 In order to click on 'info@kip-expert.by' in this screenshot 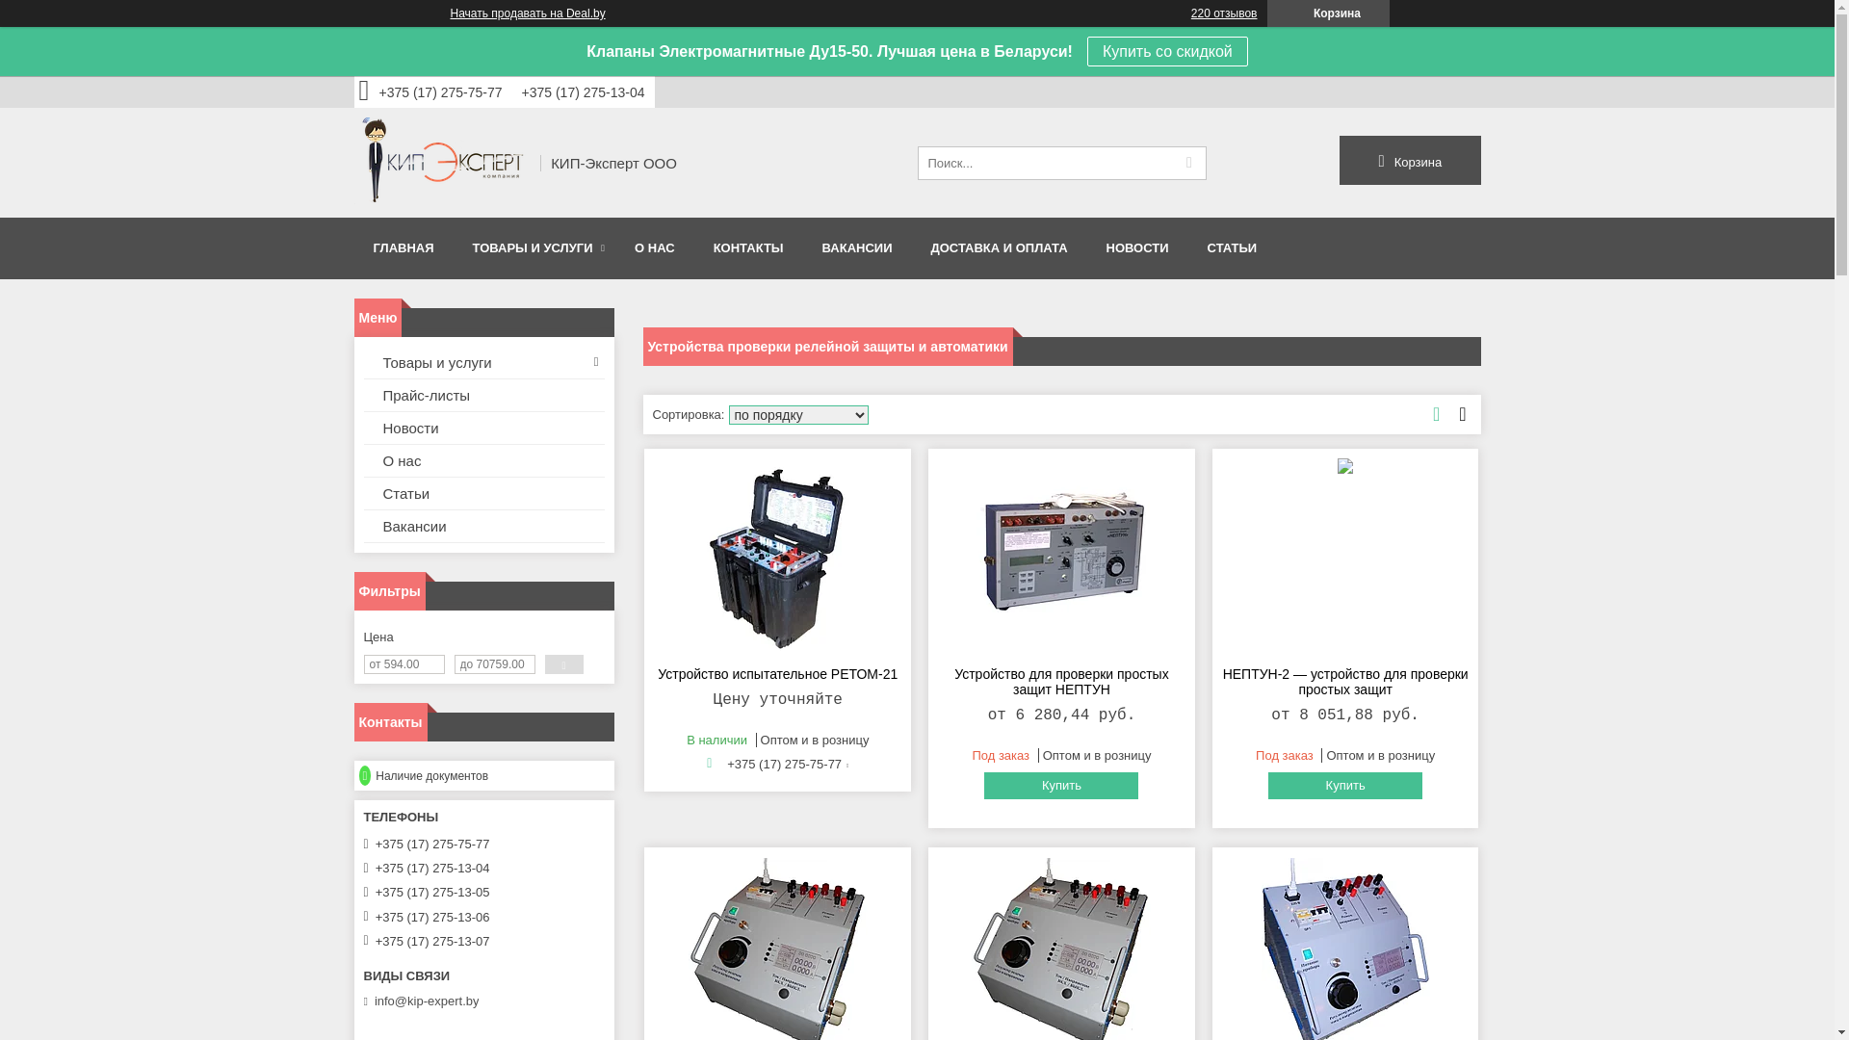, I will do `click(426, 1001)`.